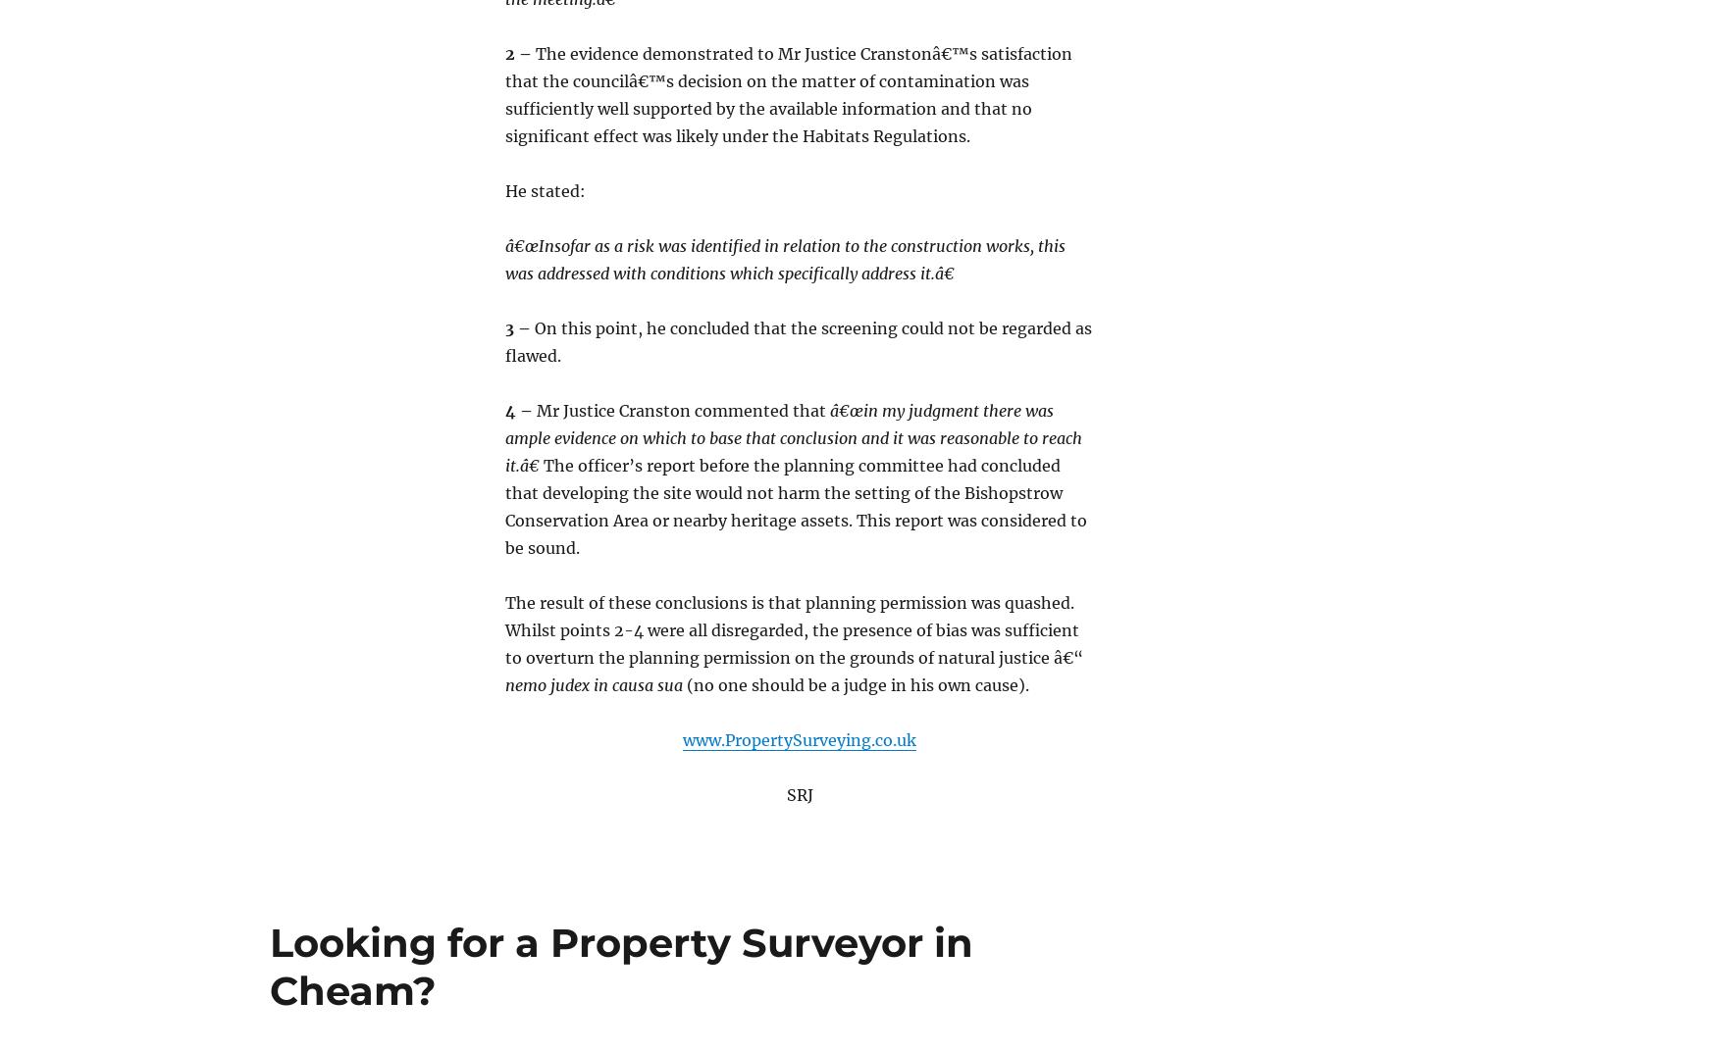  Describe the element at coordinates (544, 188) in the screenshot. I see `'He stated:'` at that location.